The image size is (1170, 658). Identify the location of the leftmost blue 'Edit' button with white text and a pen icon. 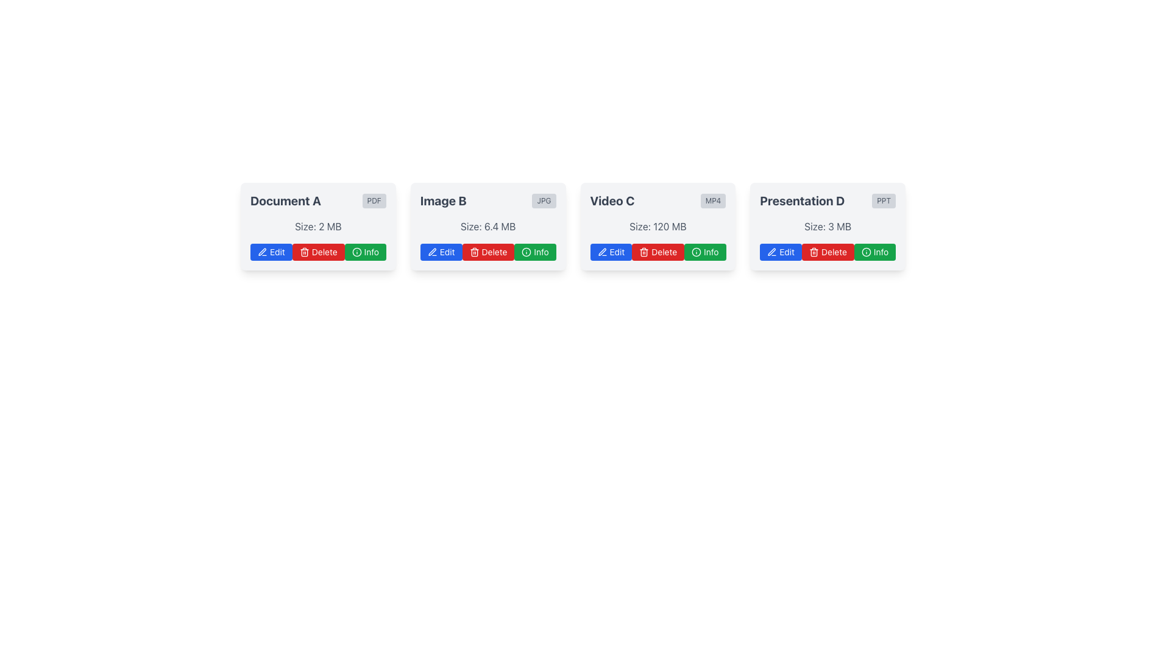
(441, 251).